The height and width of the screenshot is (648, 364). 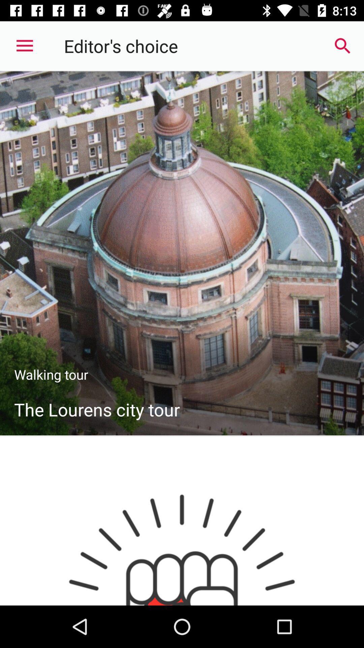 I want to click on the icon next to the editor's choice item, so click(x=343, y=46).